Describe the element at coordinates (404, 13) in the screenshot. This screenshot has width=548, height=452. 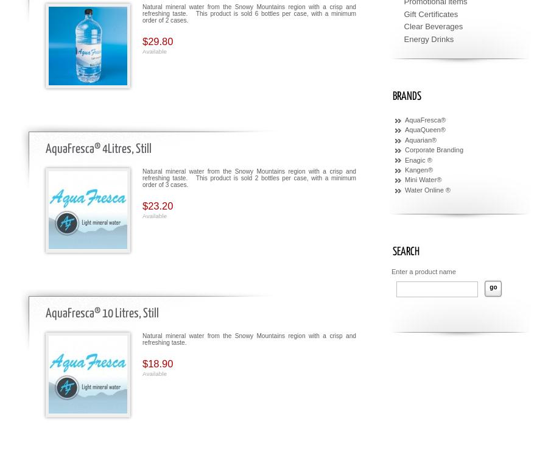
I see `'Gift Certificates'` at that location.